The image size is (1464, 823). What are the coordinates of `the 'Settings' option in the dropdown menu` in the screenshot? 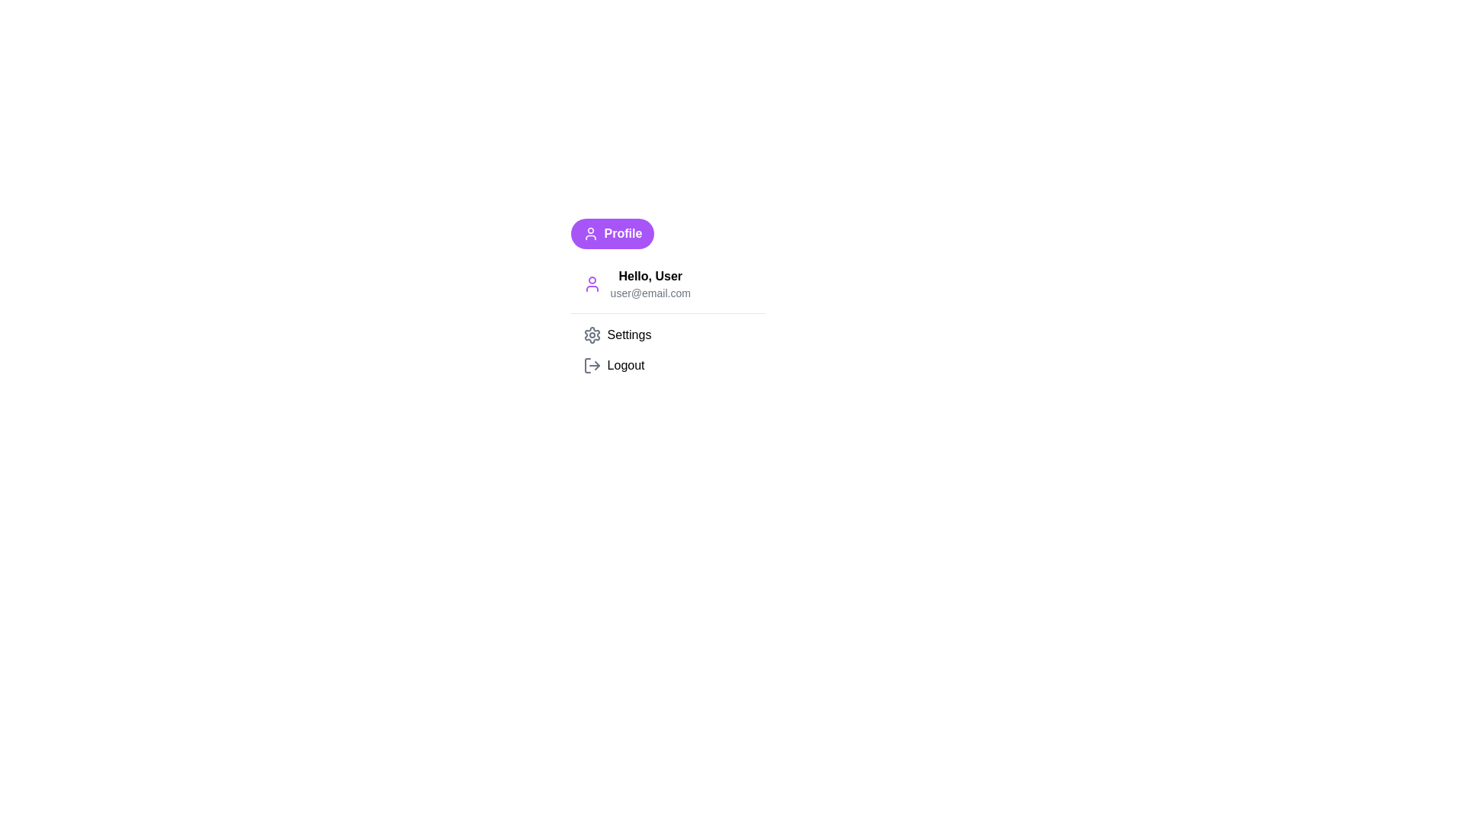 It's located at (667, 334).